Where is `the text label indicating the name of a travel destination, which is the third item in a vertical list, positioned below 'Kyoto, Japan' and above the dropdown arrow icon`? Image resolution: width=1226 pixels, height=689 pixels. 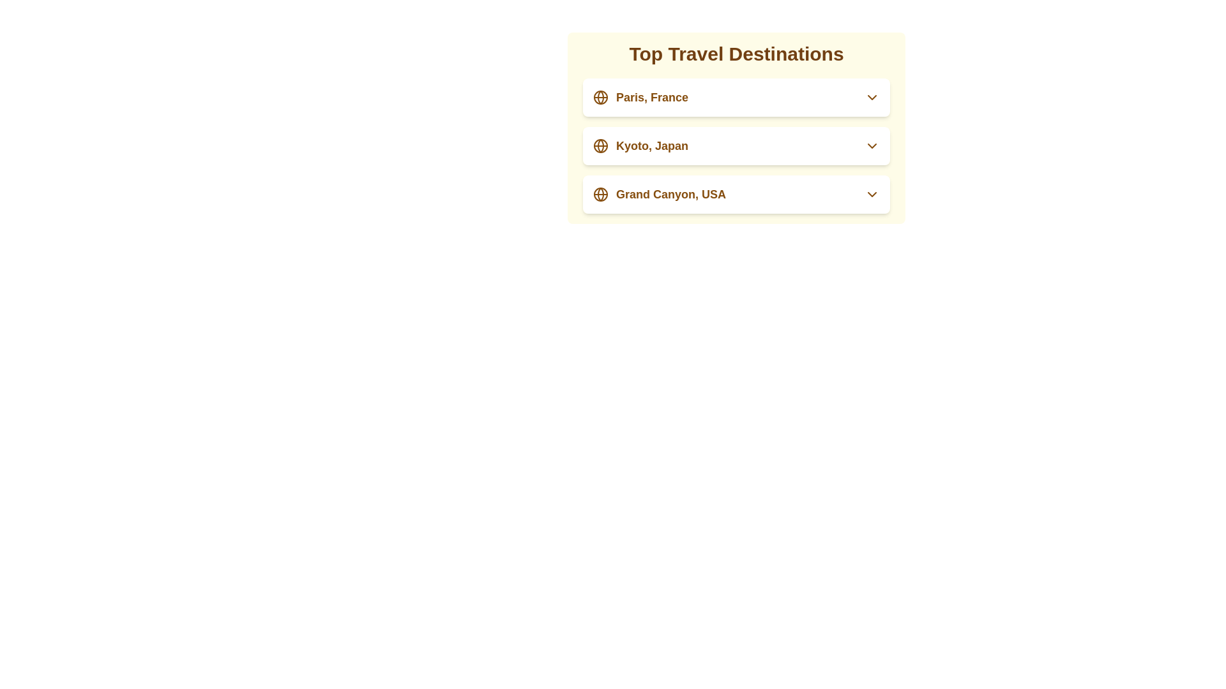 the text label indicating the name of a travel destination, which is the third item in a vertical list, positioned below 'Kyoto, Japan' and above the dropdown arrow icon is located at coordinates (670, 194).